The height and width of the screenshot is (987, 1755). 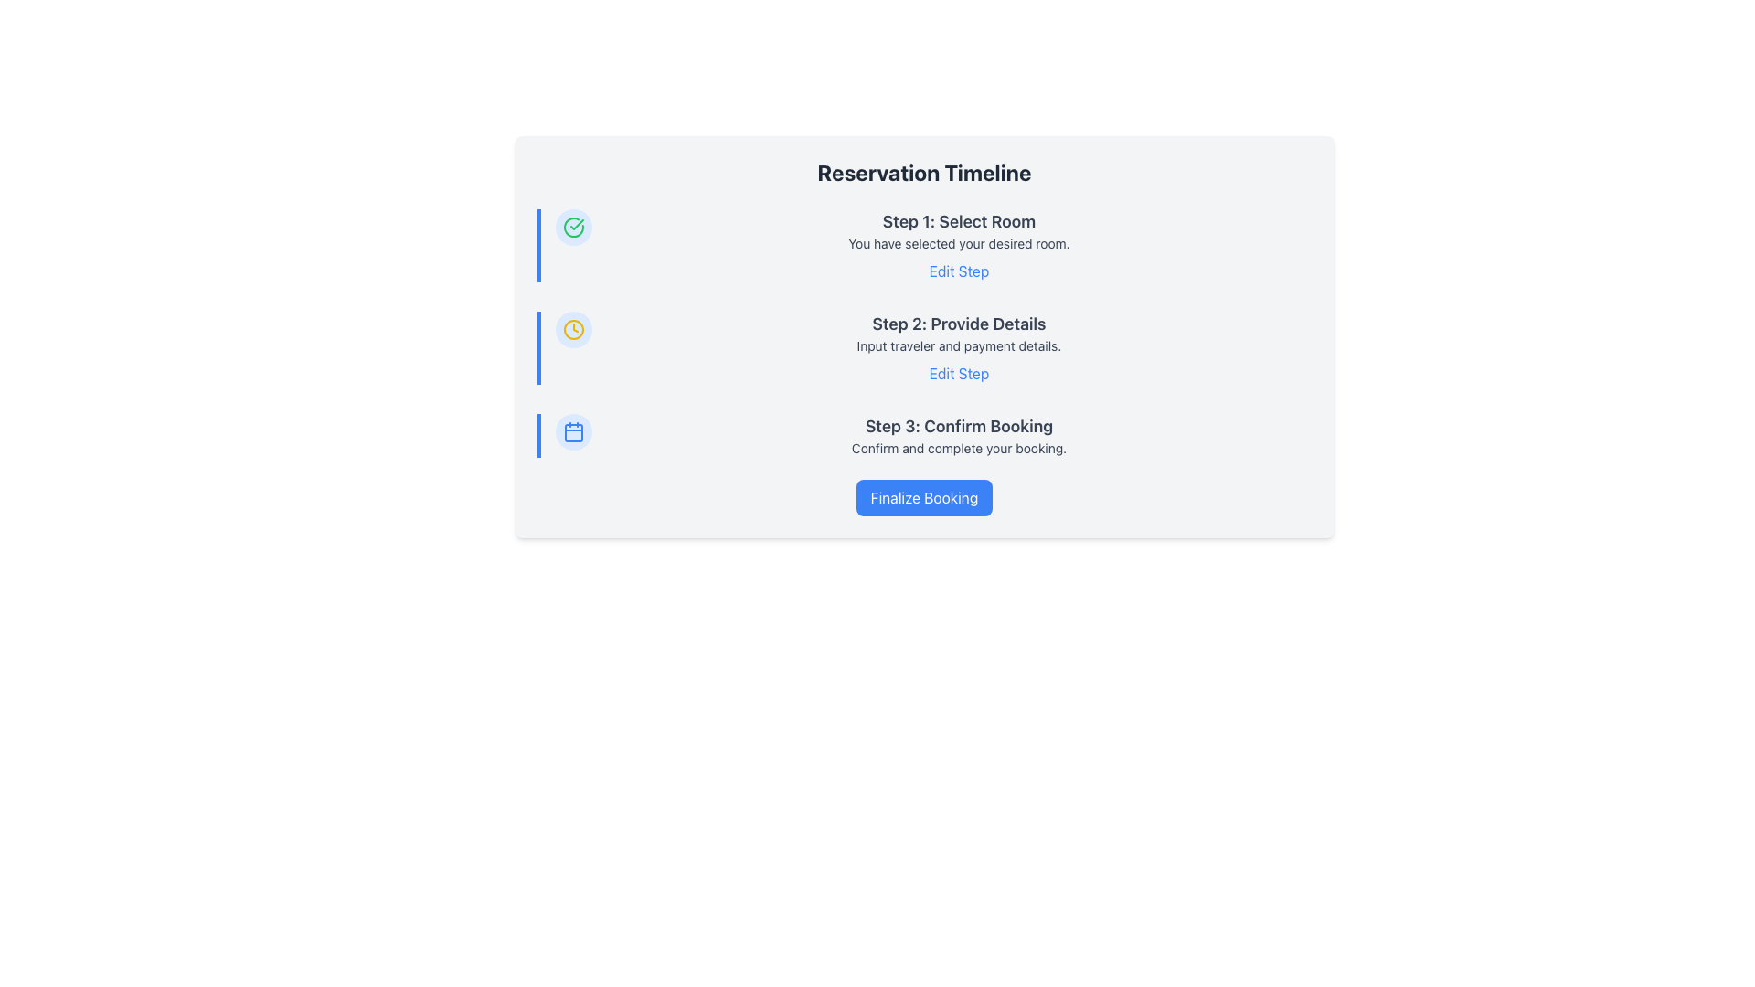 What do you see at coordinates (958, 426) in the screenshot?
I see `the text label that reads 'Step 3: Confirm Booking'` at bounding box center [958, 426].